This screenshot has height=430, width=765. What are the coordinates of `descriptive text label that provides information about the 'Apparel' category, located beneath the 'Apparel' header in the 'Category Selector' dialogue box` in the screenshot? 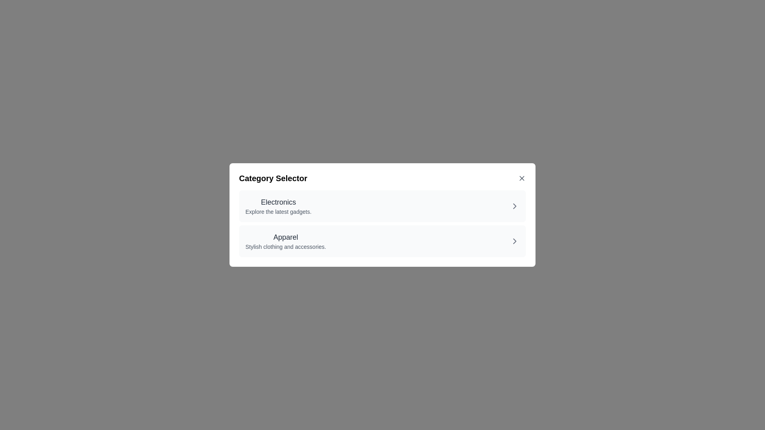 It's located at (286, 246).